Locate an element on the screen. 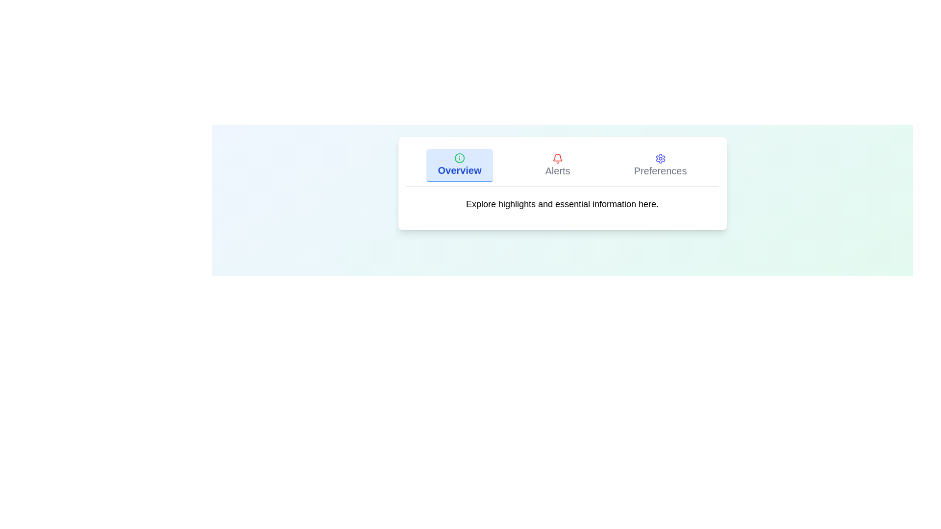 The image size is (941, 529). the tab with the title Alerts to inspect its details is located at coordinates (557, 165).